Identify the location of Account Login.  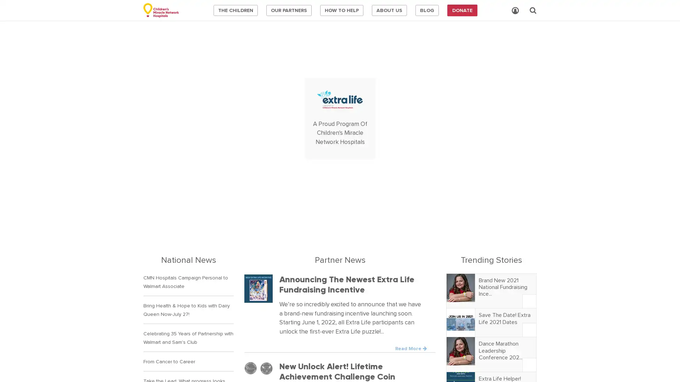
(515, 11).